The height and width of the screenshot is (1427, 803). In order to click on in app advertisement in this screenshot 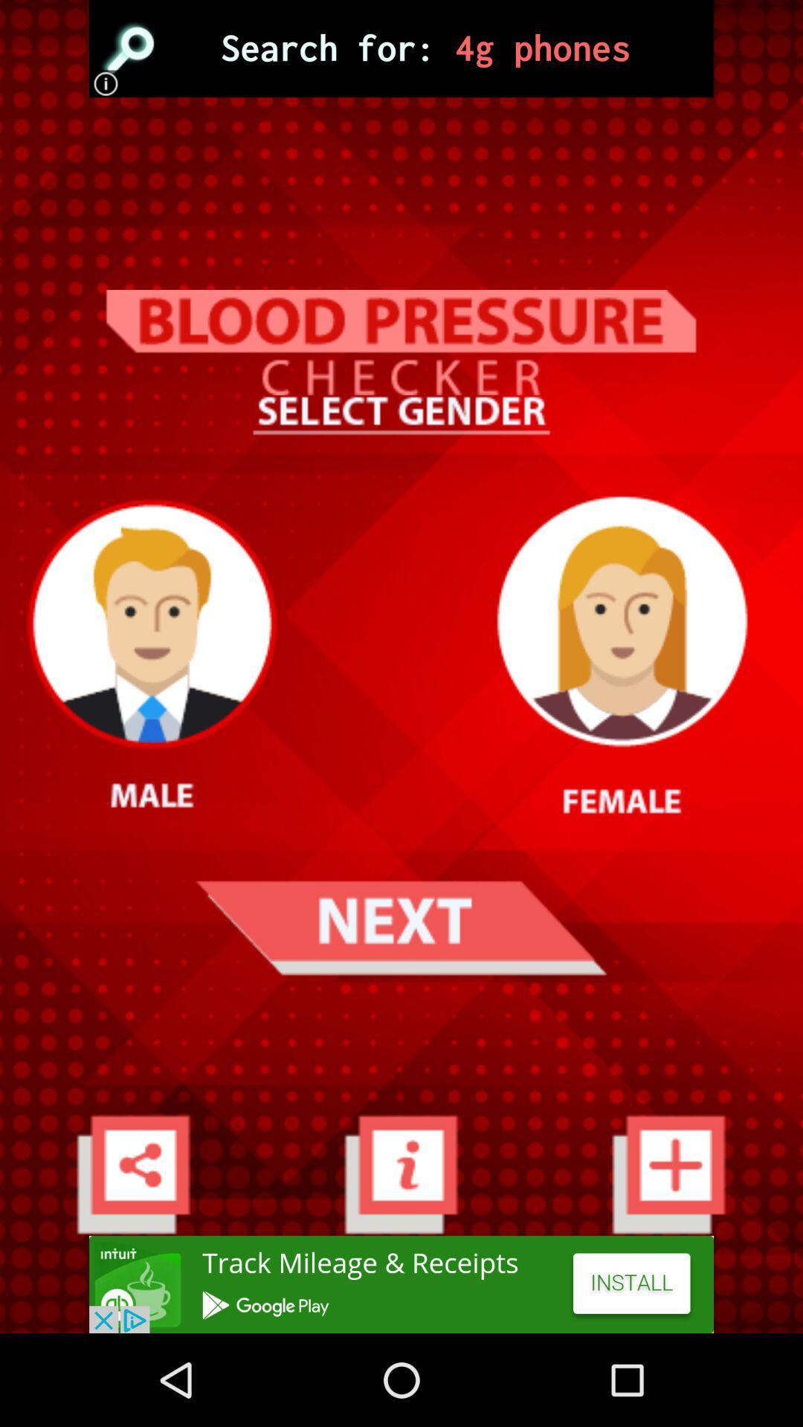, I will do `click(401, 1284)`.